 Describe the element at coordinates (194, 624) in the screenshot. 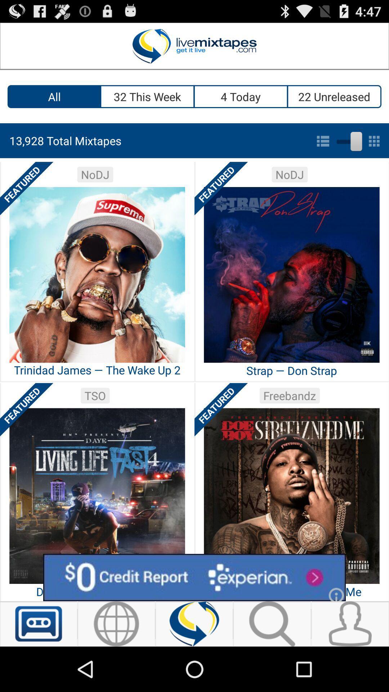

I see `the information` at that location.